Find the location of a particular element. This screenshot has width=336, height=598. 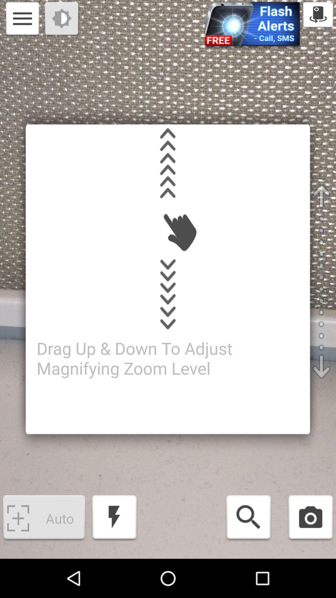

the icon which is at top right to the page is located at coordinates (318, 15).